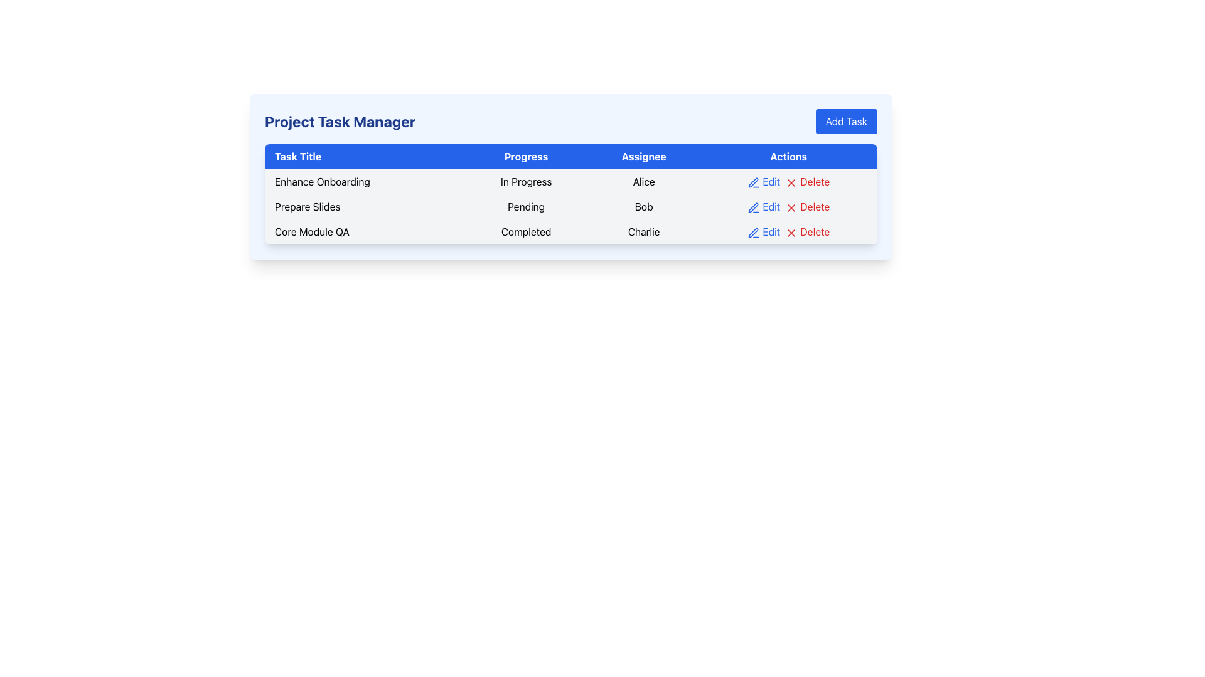  Describe the element at coordinates (763, 206) in the screenshot. I see `the 'Edit' hyperlink in the second row of the Actions column` at that location.